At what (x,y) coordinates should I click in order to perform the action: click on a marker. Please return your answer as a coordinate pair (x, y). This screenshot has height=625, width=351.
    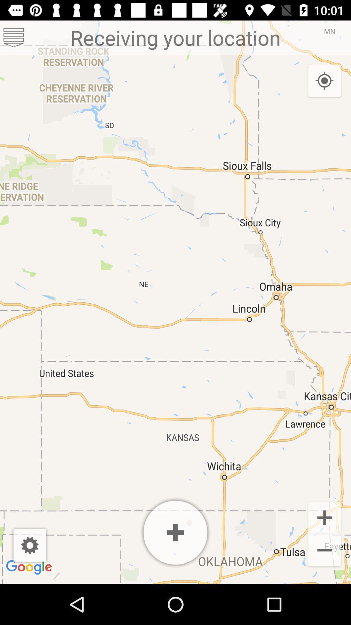
    Looking at the image, I should click on (175, 533).